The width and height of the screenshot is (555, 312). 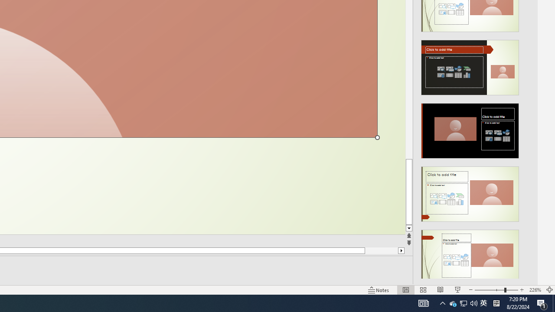 I want to click on 'Zoom 226%', so click(x=535, y=290).